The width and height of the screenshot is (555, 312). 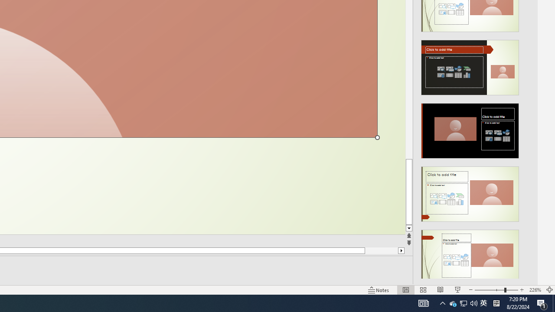 I want to click on 'Zoom 226%', so click(x=535, y=290).